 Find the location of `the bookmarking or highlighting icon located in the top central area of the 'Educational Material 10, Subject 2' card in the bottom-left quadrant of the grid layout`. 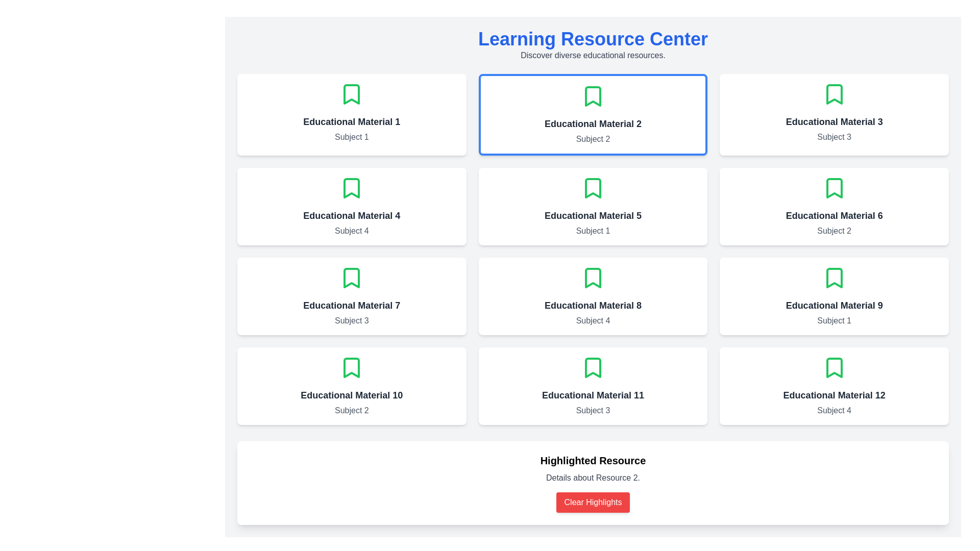

the bookmarking or highlighting icon located in the top central area of the 'Educational Material 10, Subject 2' card in the bottom-left quadrant of the grid layout is located at coordinates (352, 368).